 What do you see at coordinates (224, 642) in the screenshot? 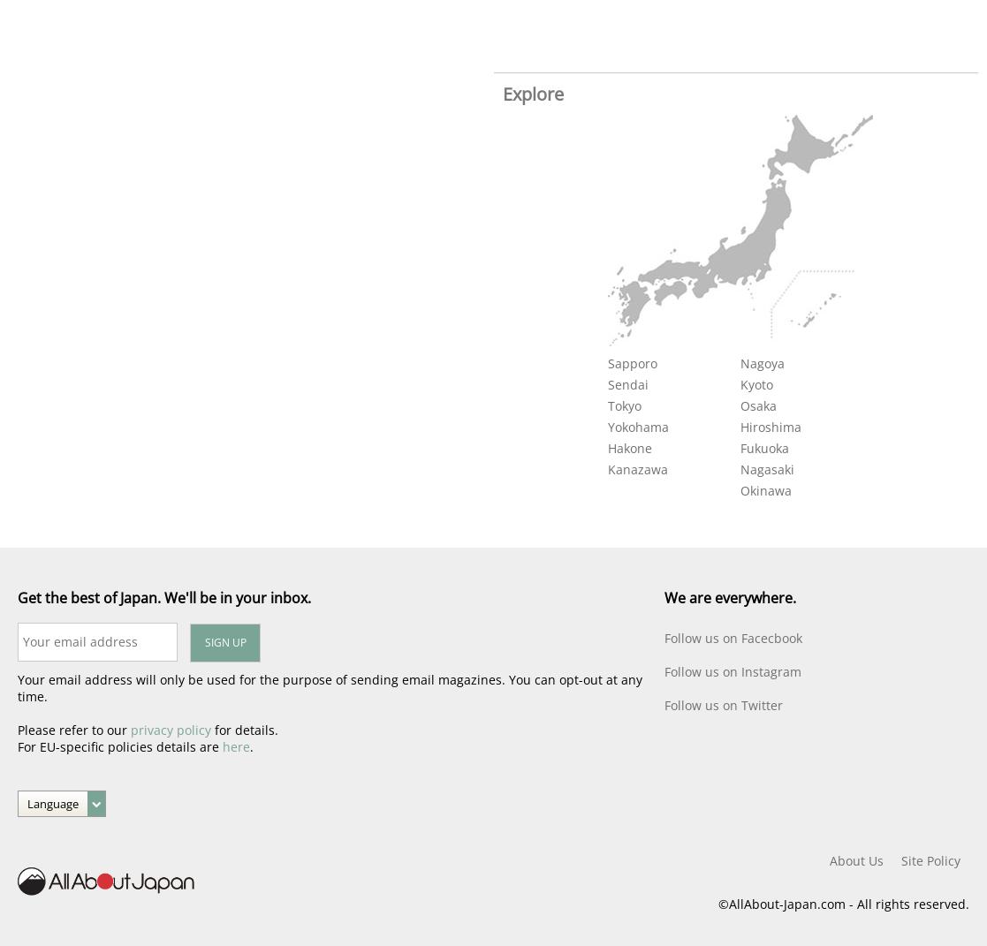
I see `'SIGN UP'` at bounding box center [224, 642].